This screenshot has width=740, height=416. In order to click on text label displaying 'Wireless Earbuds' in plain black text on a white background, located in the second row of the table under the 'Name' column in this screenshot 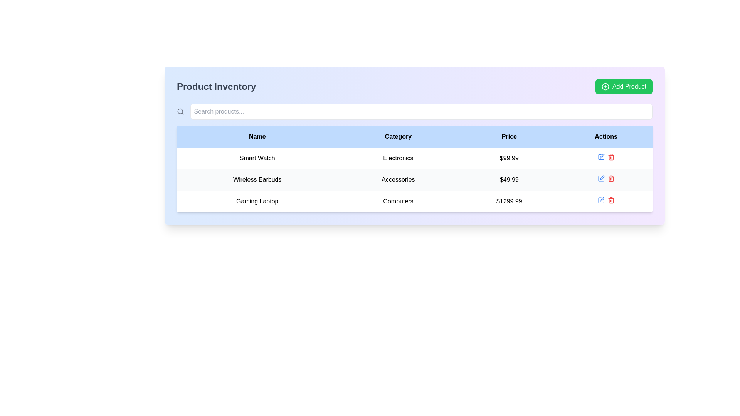, I will do `click(257, 179)`.